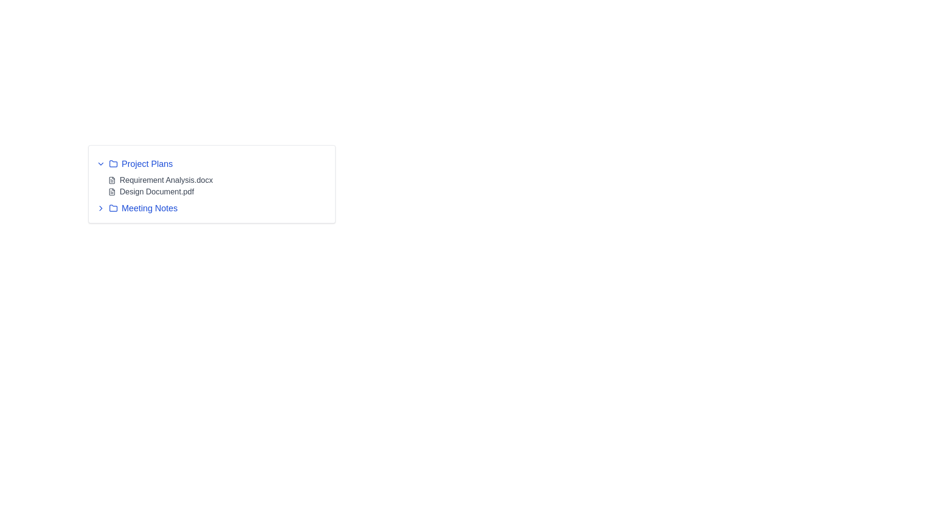 This screenshot has height=521, width=927. I want to click on the SVG icon that visually represents the document file 'Design Document.pdf', located to the left of the text label within the 'Project Plans' section, so click(112, 192).